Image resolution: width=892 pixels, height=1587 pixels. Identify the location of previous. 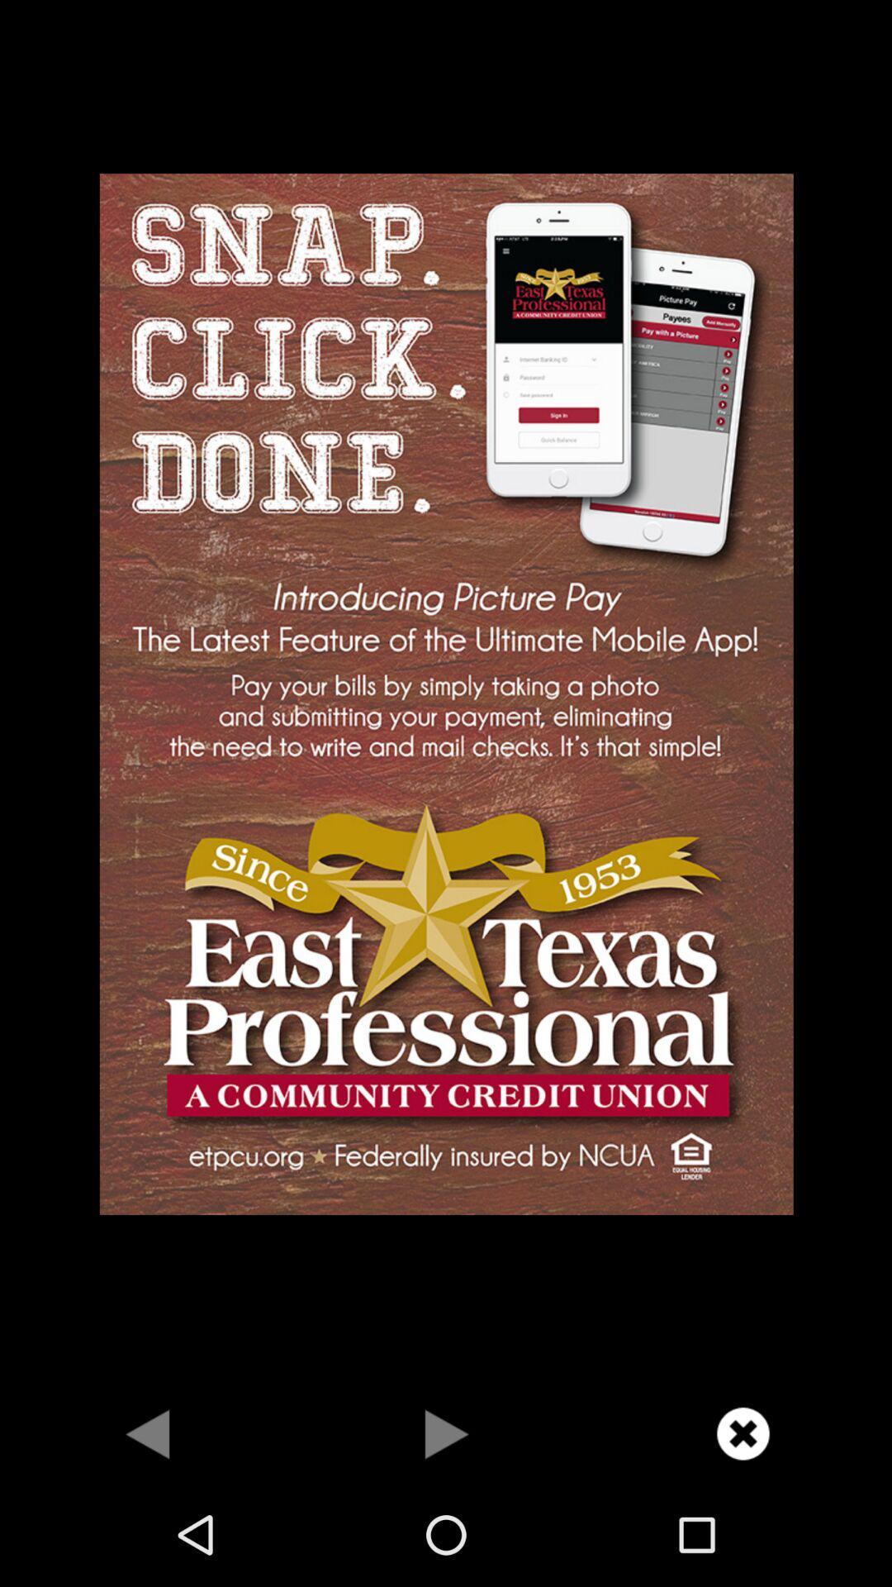
(149, 1432).